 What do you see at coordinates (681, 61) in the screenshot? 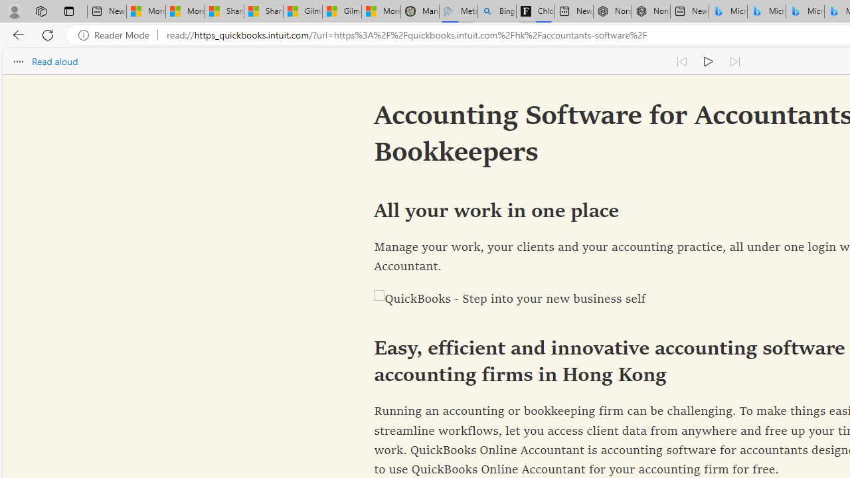
I see `'Read previous paragraph'` at bounding box center [681, 61].